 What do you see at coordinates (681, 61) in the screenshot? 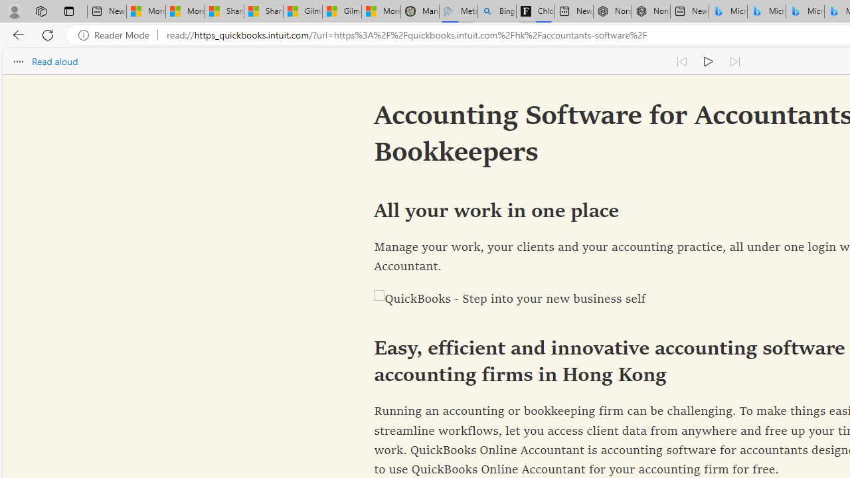
I see `'Read previous paragraph'` at bounding box center [681, 61].